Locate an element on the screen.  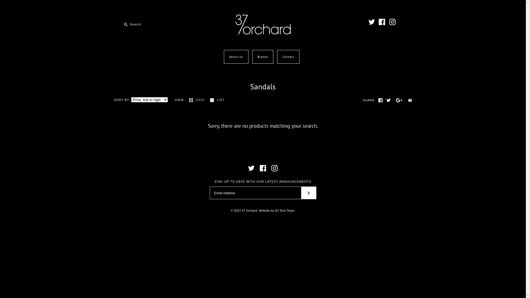
'37 Orchard' is located at coordinates (262, 17).